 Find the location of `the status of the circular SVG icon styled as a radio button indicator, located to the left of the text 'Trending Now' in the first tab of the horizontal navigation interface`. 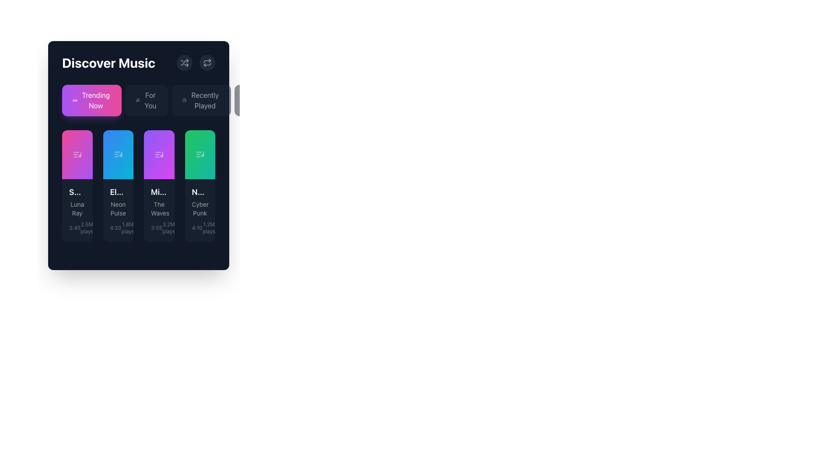

the status of the circular SVG icon styled as a radio button indicator, located to the left of the text 'Trending Now' in the first tab of the horizontal navigation interface is located at coordinates (75, 100).